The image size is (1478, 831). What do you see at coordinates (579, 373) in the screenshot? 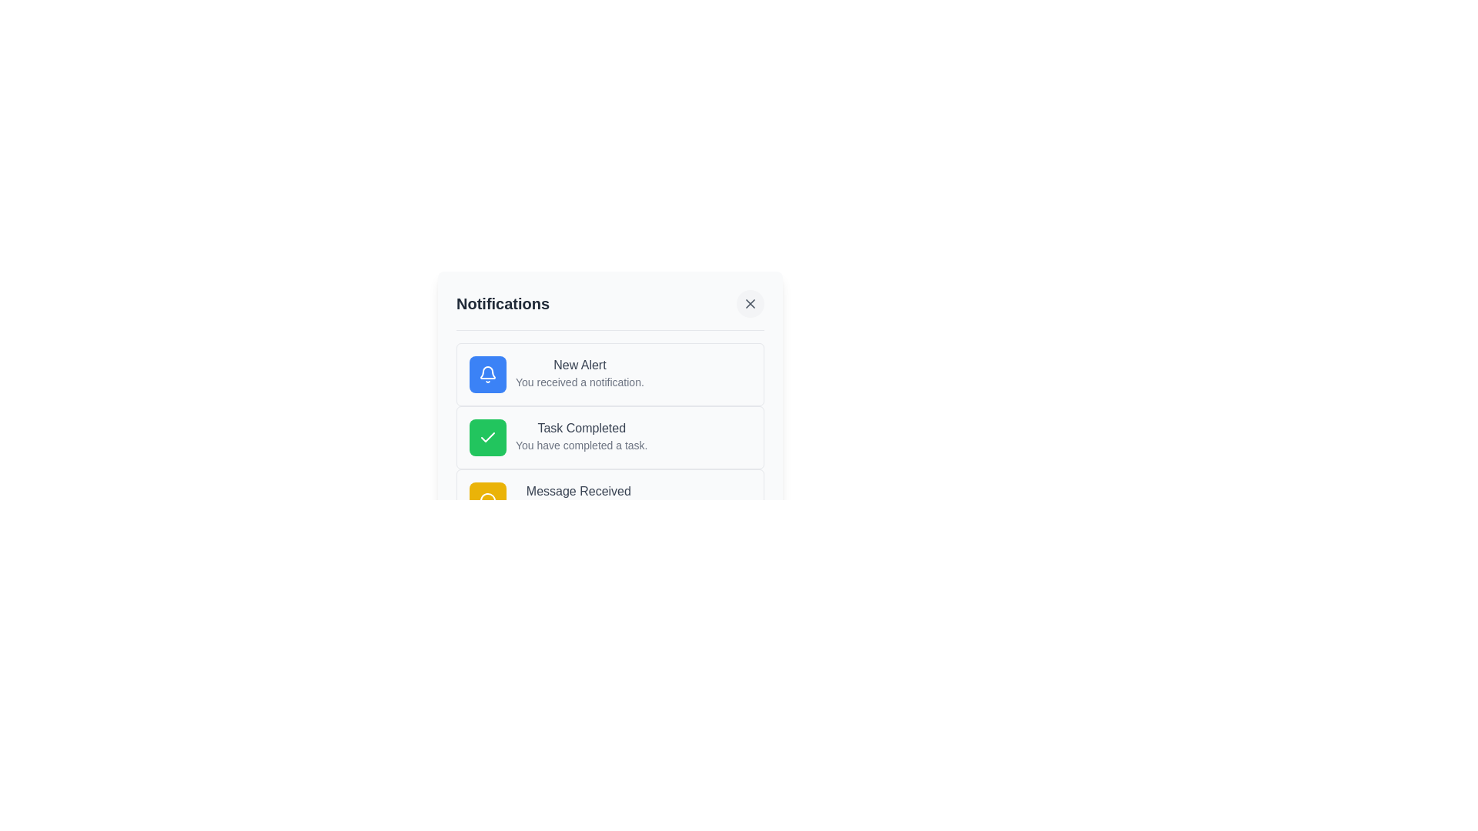
I see `notification details from the Text content block that contains 'New Alert' and 'You received a notification.' positioned below the blue bell icon` at bounding box center [579, 373].